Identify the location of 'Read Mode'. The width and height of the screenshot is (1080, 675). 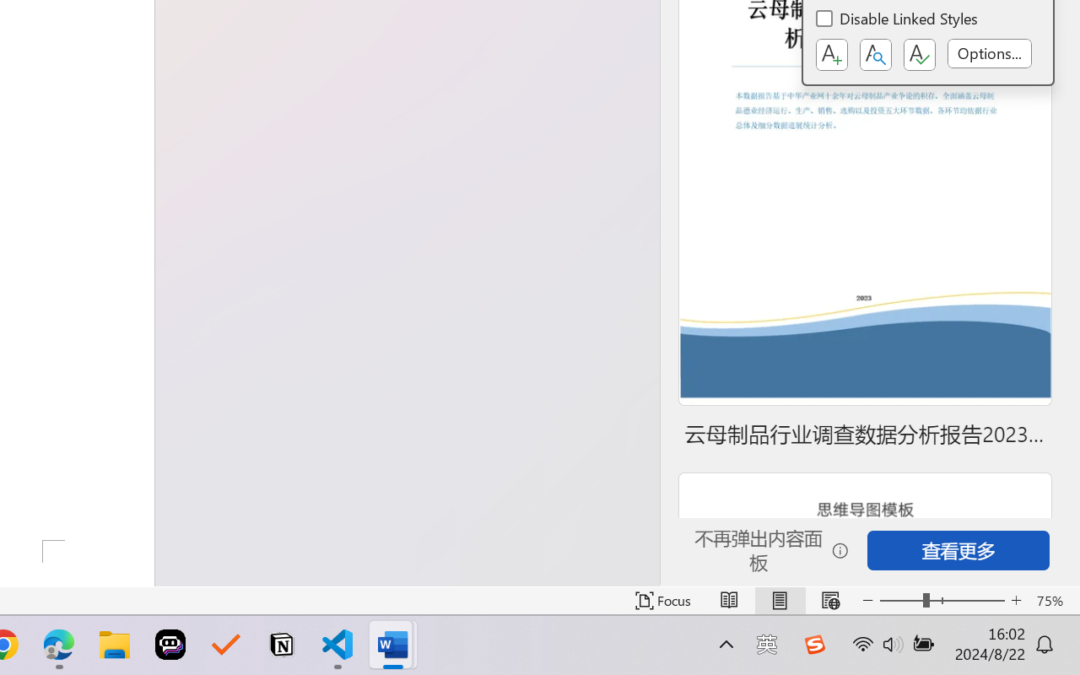
(729, 600).